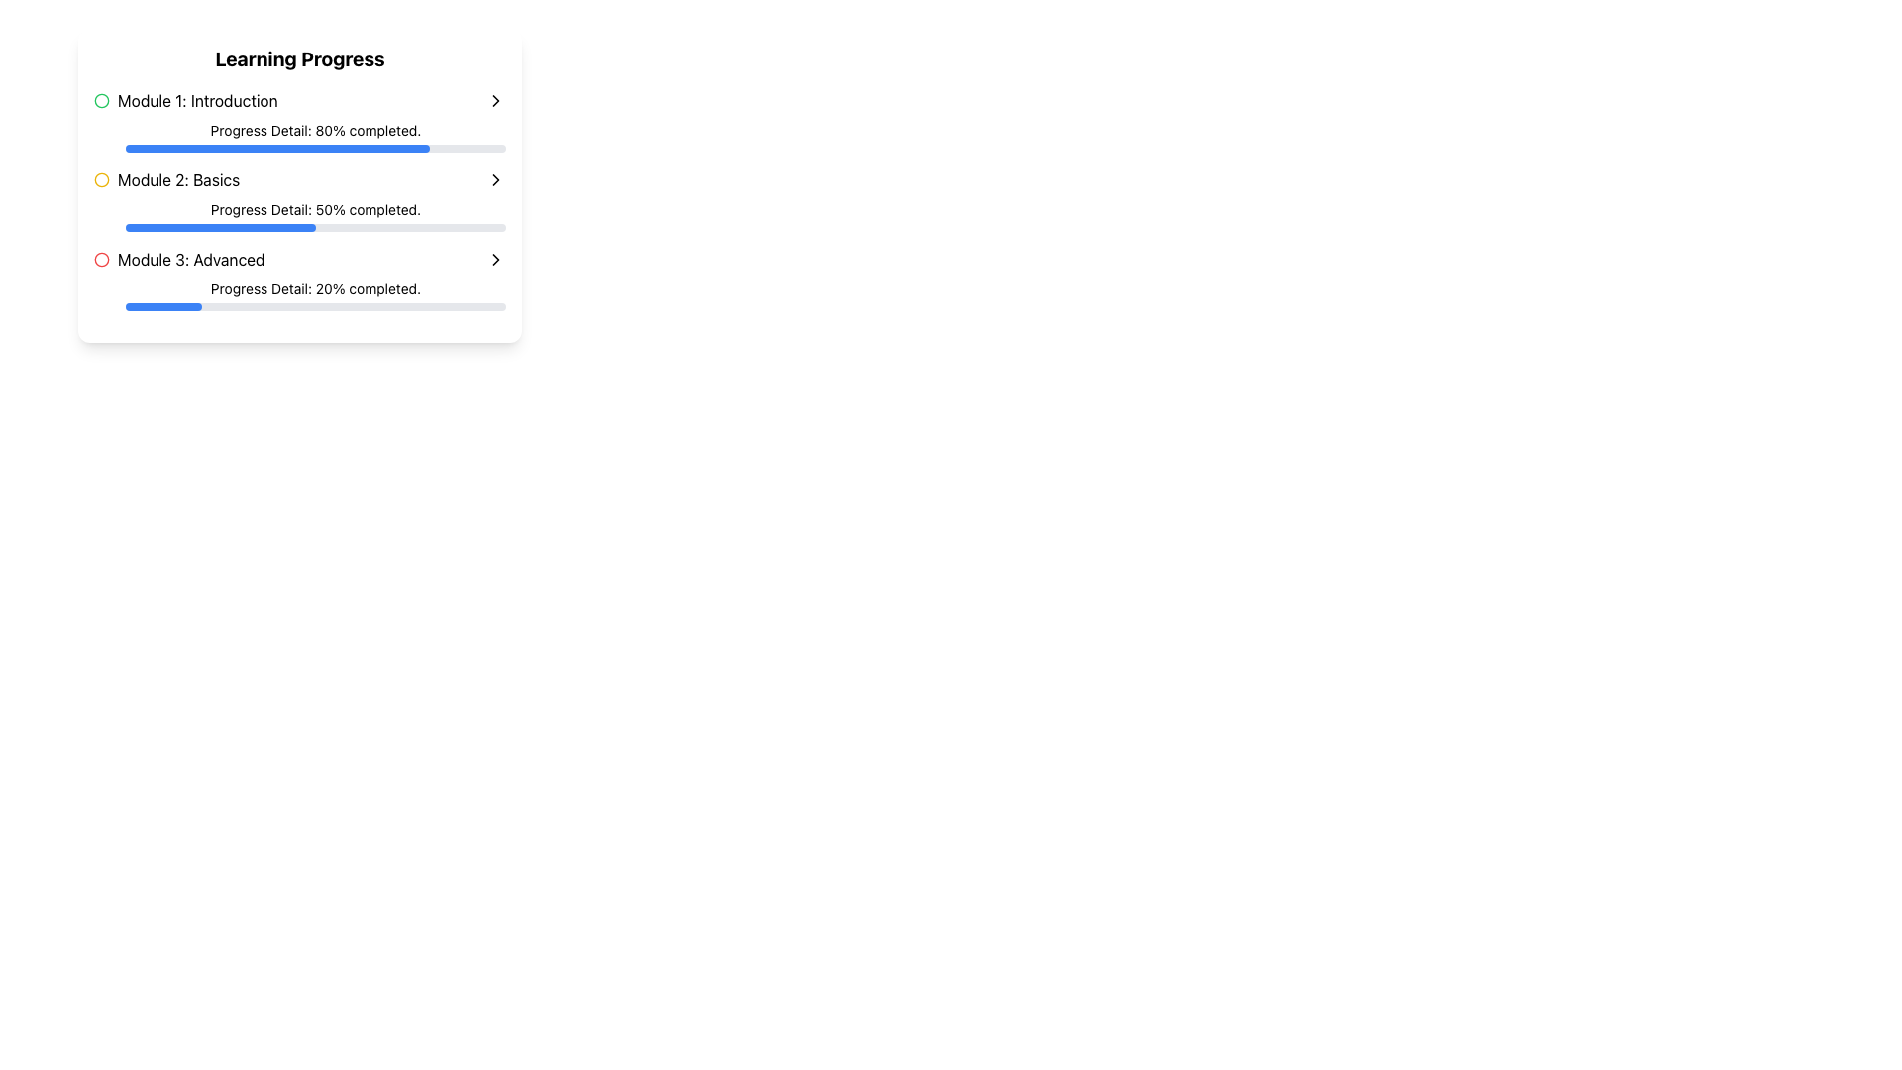 The height and width of the screenshot is (1070, 1902). Describe the element at coordinates (298, 58) in the screenshot. I see `the prominent text label displaying 'Learning Progress', which is styled in bold and located at the top of a card-like section` at that location.